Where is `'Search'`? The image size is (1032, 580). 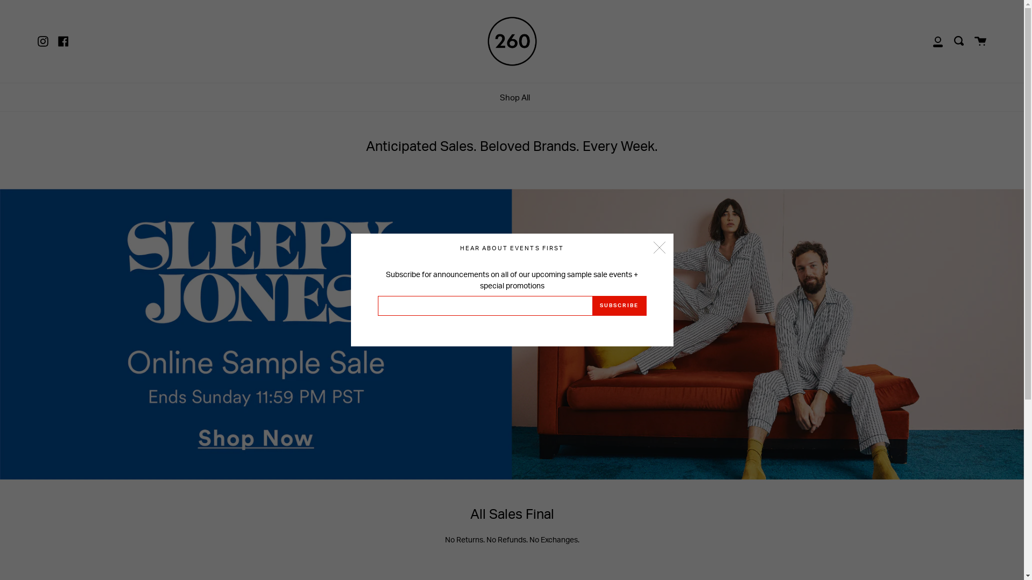
'Search' is located at coordinates (959, 41).